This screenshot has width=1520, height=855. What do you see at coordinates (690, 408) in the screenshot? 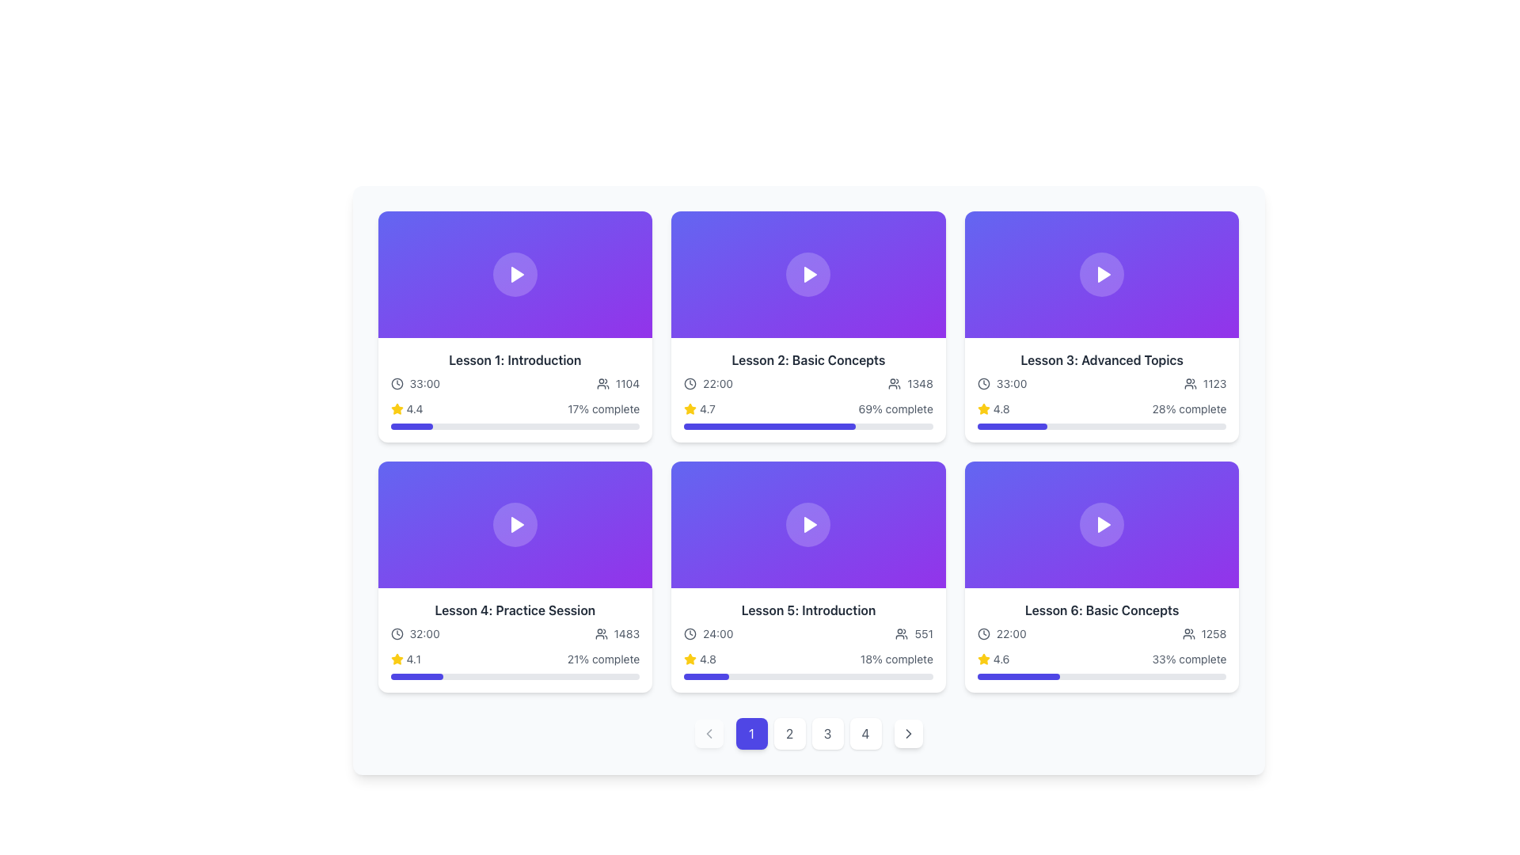
I see `the rating indicator icon located in the bottom left corner of the card for 'Lesson 2: Basic Concepts', which visually represents a rating of '4.7'` at bounding box center [690, 408].